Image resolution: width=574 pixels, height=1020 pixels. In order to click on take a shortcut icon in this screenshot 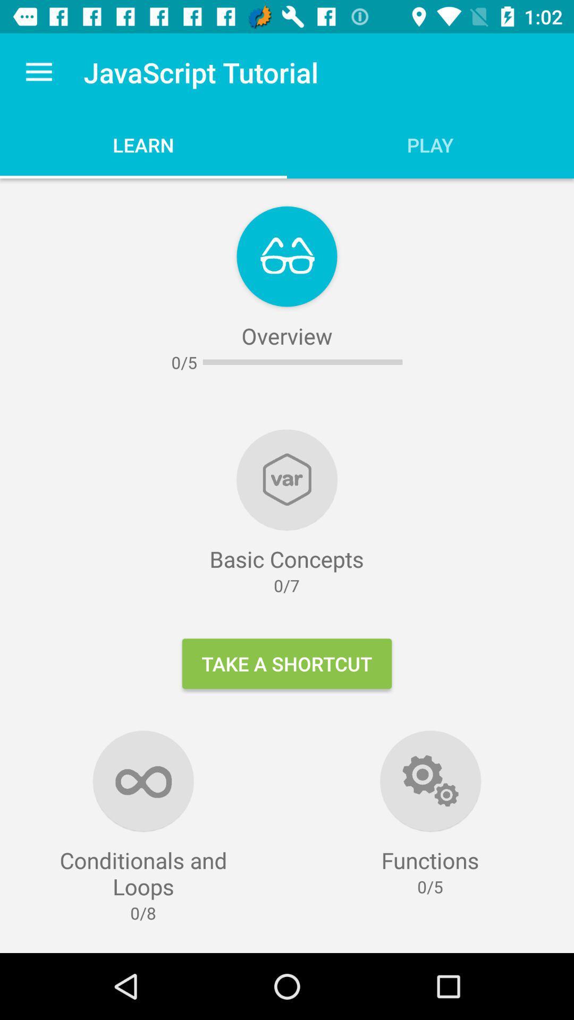, I will do `click(287, 663)`.